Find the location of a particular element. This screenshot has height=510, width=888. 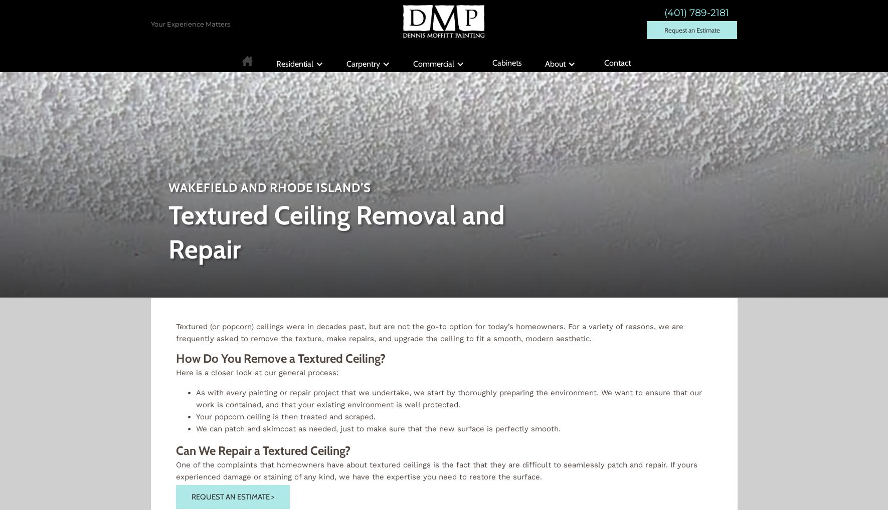

'Textured Ceiling Removal and Repair' is located at coordinates (167, 232).